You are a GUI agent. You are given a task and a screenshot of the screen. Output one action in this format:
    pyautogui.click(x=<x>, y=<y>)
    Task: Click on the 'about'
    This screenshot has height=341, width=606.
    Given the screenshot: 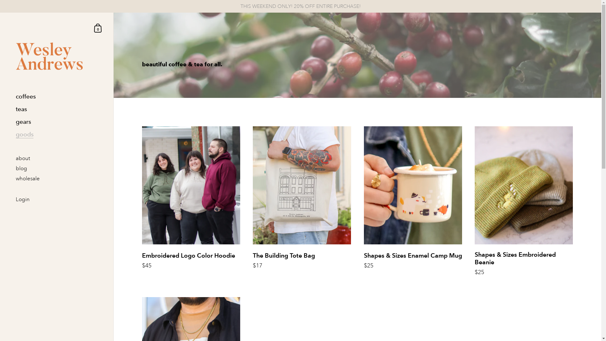 What is the action you would take?
    pyautogui.click(x=56, y=158)
    